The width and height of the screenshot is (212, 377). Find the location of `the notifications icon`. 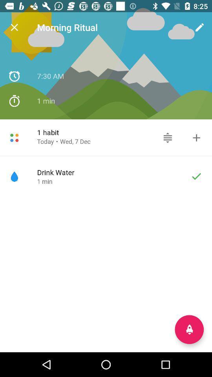

the notifications icon is located at coordinates (189, 329).